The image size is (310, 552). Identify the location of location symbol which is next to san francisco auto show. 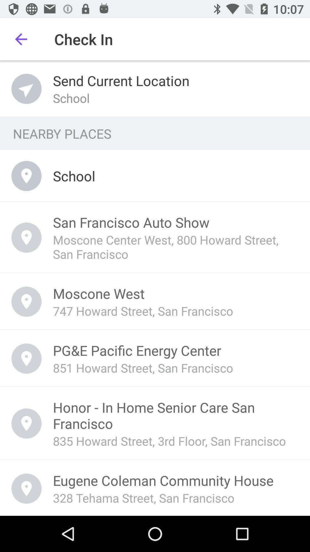
(26, 237).